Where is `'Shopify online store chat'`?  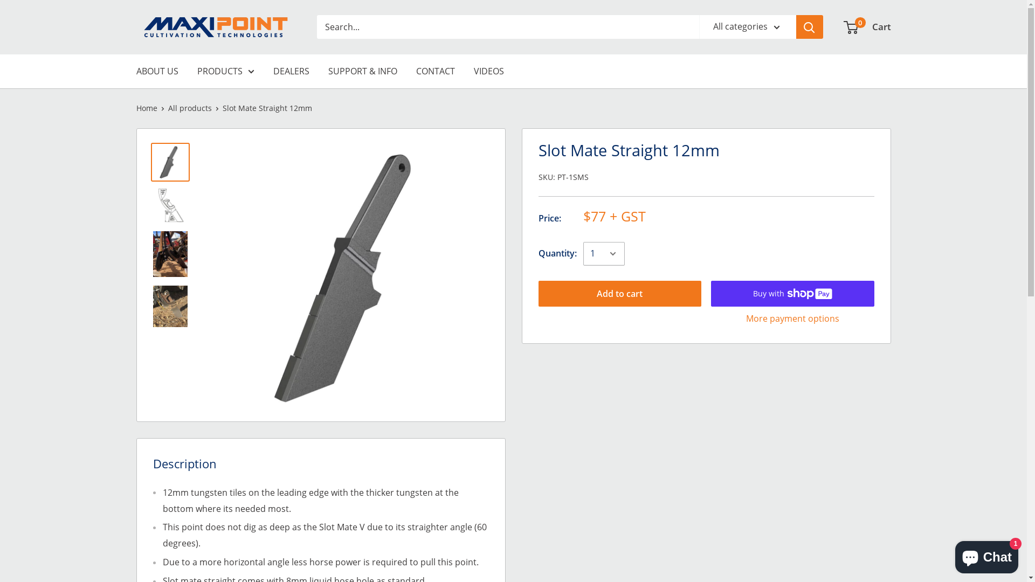 'Shopify online store chat' is located at coordinates (986, 555).